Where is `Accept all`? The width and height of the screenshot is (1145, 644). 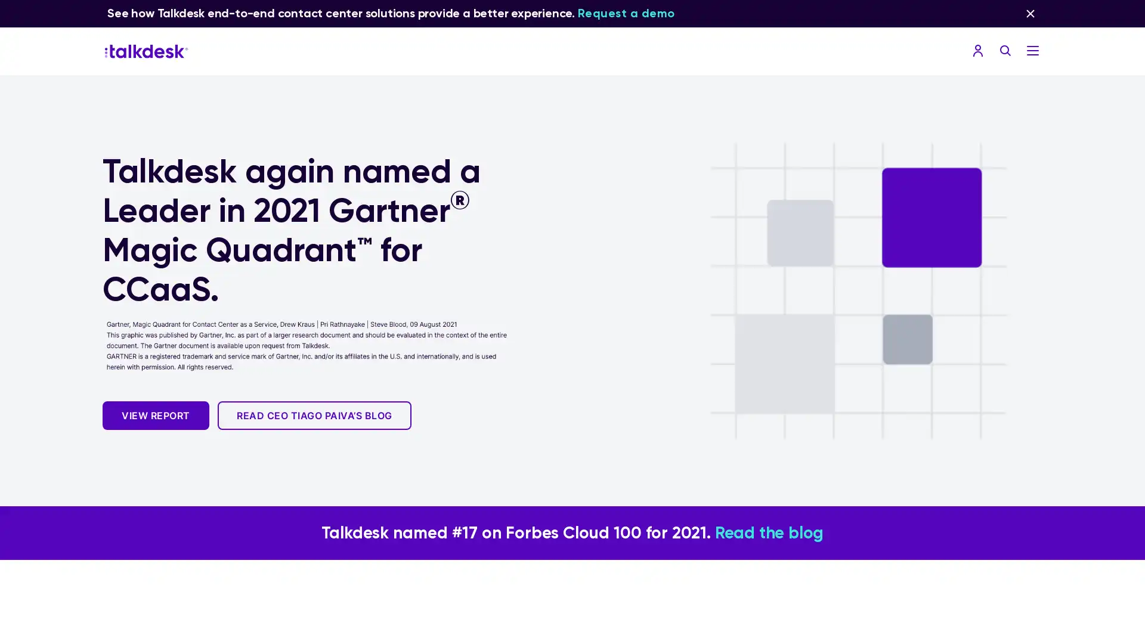 Accept all is located at coordinates (660, 496).